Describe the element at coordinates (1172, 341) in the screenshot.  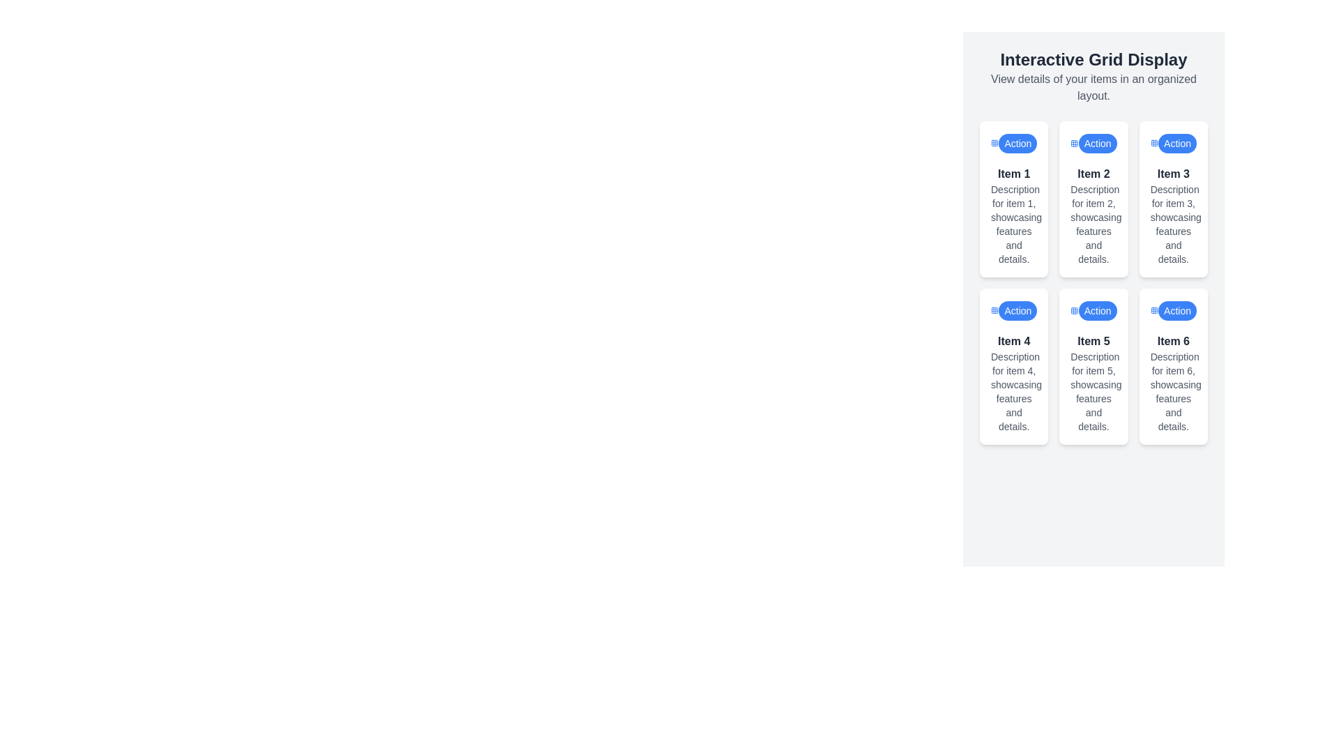
I see `text from the title label located at the top of the rightmost card in a three-column grid layout, which is the first textual element of the card identified as 'Item 6'` at that location.